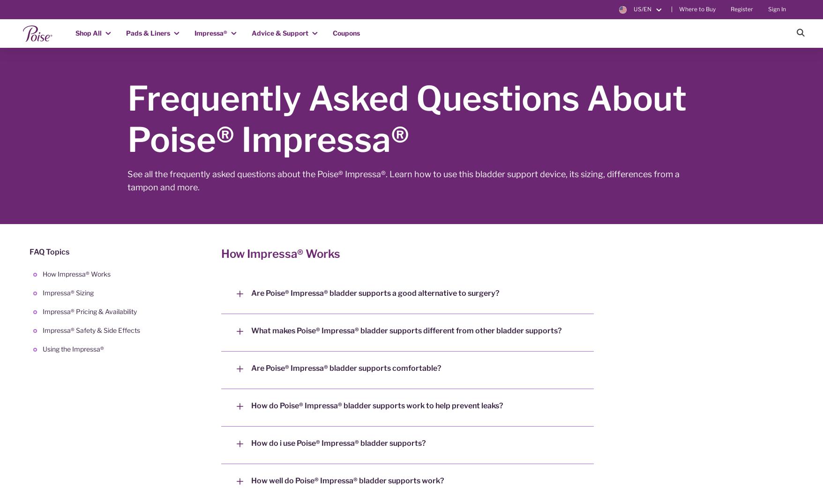 The image size is (823, 488). What do you see at coordinates (42, 293) in the screenshot?
I see `'Impressa® Sizing'` at bounding box center [42, 293].